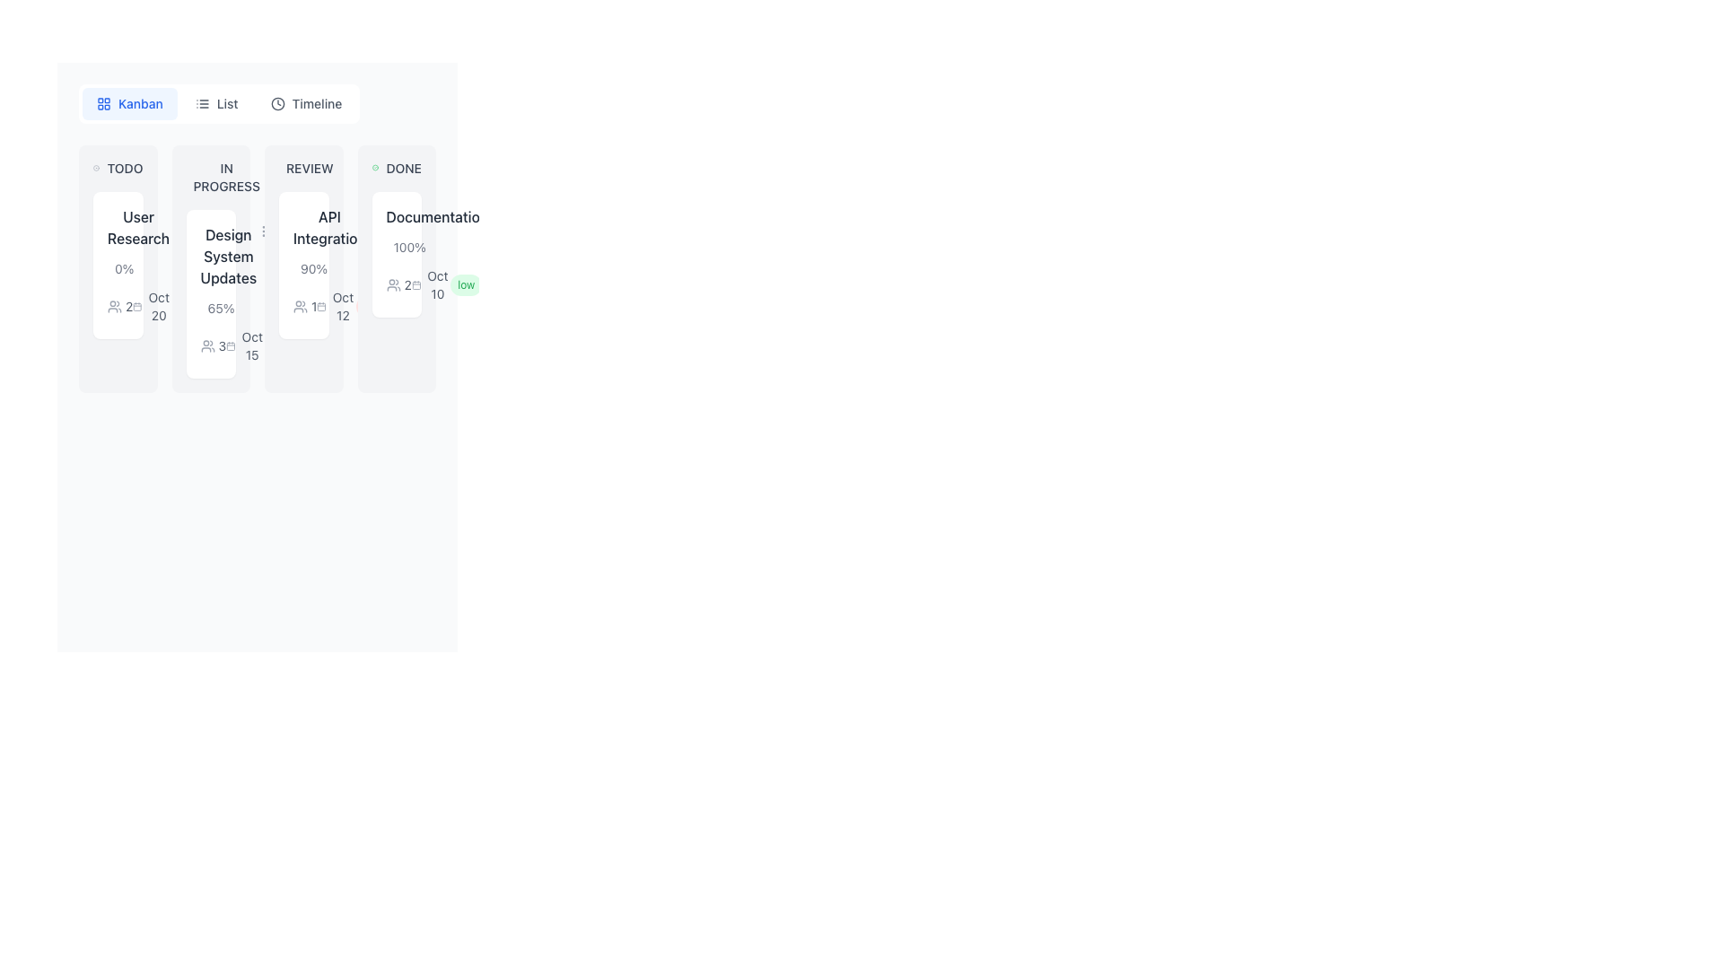 The image size is (1723, 969). What do you see at coordinates (211, 292) in the screenshot?
I see `the second card in the 'IN PROGRESS' column of the Kanban view` at bounding box center [211, 292].